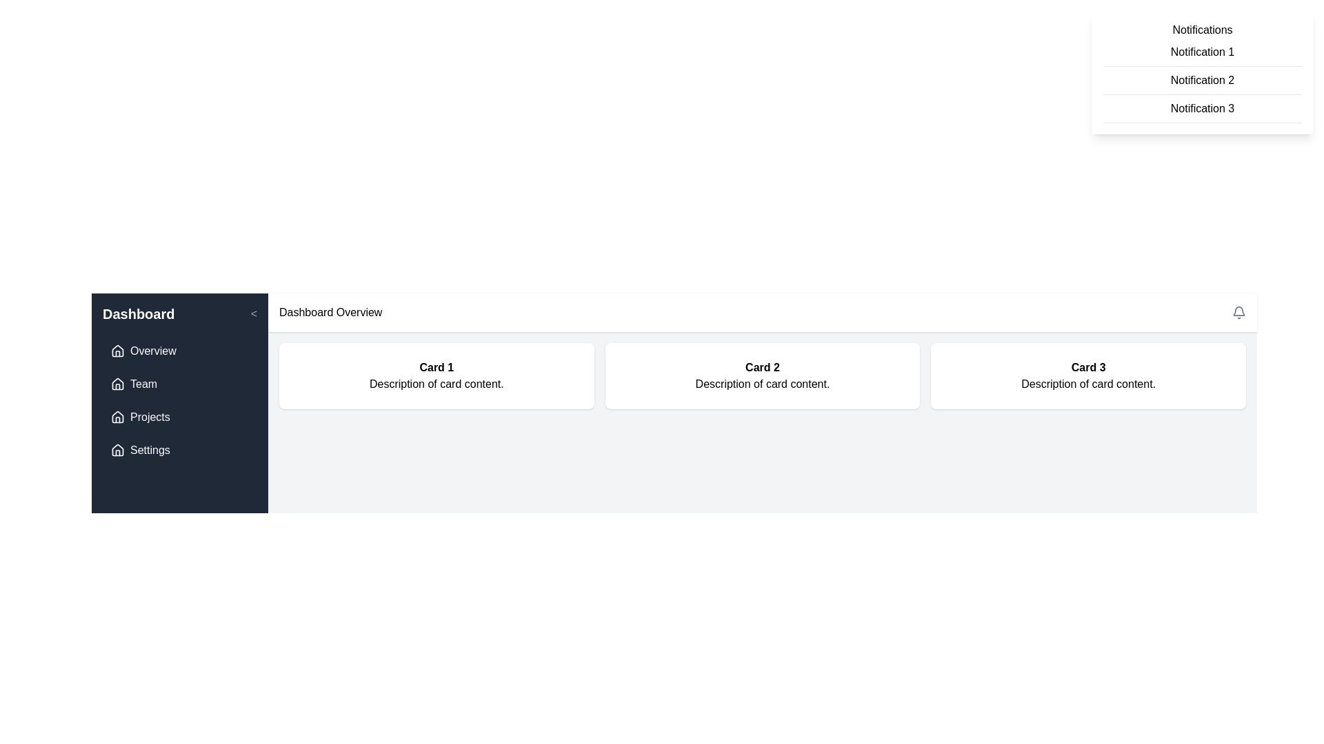 The image size is (1324, 744). What do you see at coordinates (118, 451) in the screenshot?
I see `the 'Settings' icon, which is a visual representation for the 'Settings' menu entry located in the left-hand side navigation panel` at bounding box center [118, 451].